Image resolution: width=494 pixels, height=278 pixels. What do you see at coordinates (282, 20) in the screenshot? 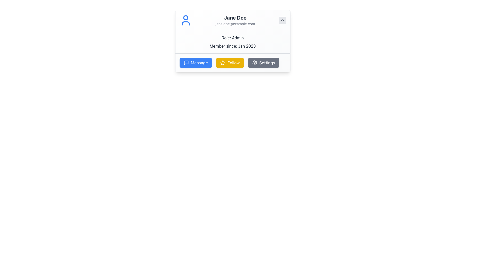
I see `the rectangular button with a light gray background and an upward chevron icon located at the top-right of the user details section containing 'Jane Doe' and 'jane.doe@example.com'` at bounding box center [282, 20].